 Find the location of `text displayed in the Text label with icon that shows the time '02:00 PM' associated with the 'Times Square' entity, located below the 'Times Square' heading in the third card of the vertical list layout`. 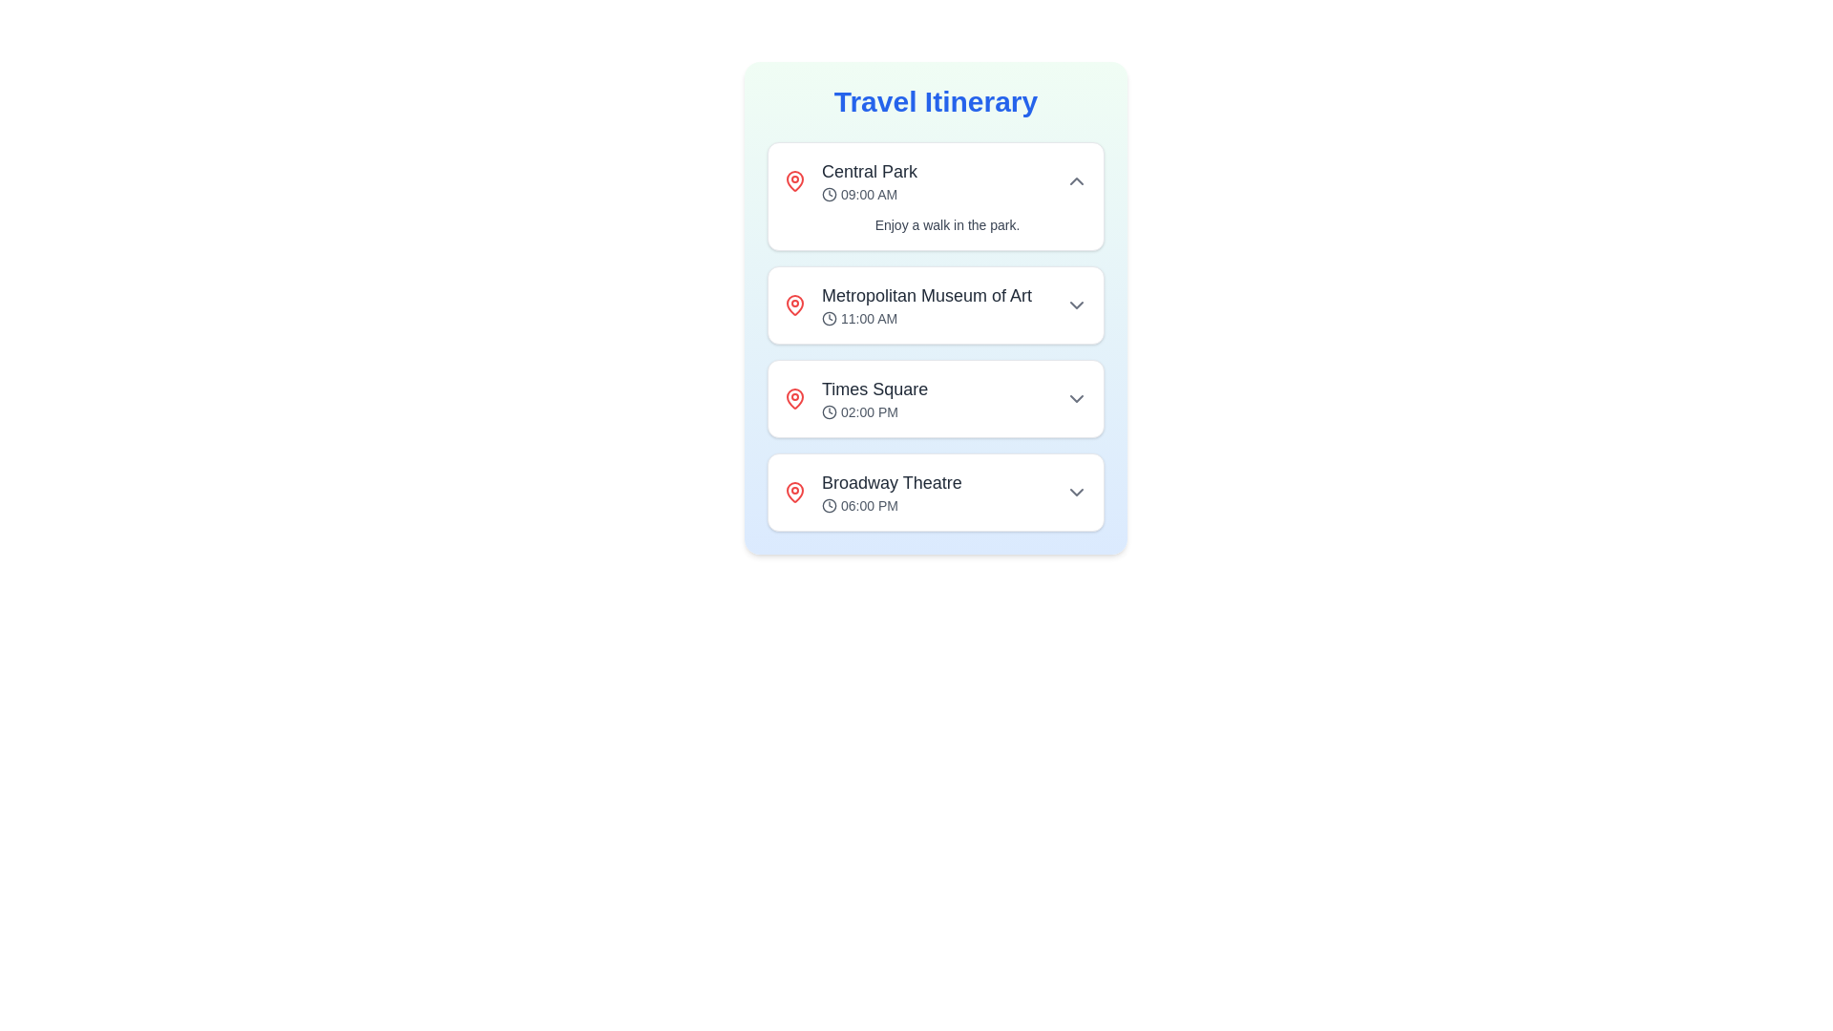

text displayed in the Text label with icon that shows the time '02:00 PM' associated with the 'Times Square' entity, located below the 'Times Square' heading in the third card of the vertical list layout is located at coordinates (874, 411).